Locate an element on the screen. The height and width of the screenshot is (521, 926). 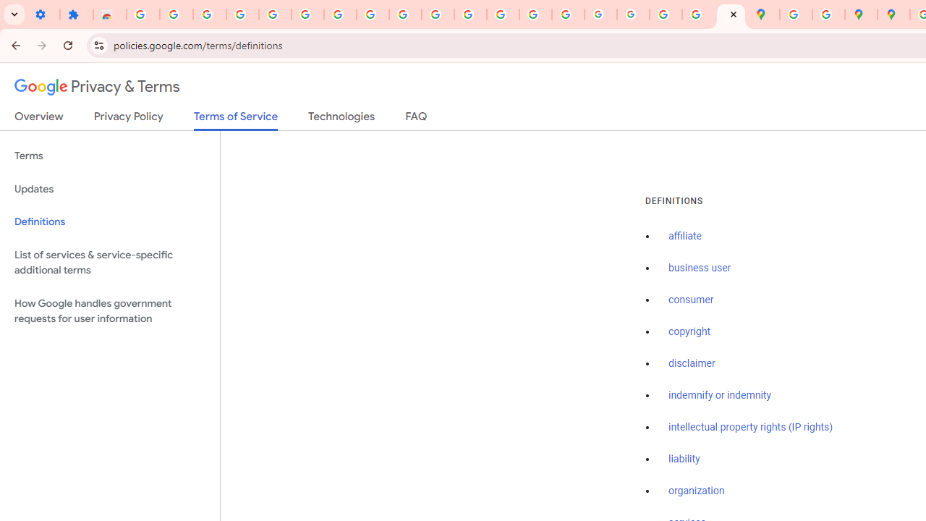
'business user' is located at coordinates (700, 268).